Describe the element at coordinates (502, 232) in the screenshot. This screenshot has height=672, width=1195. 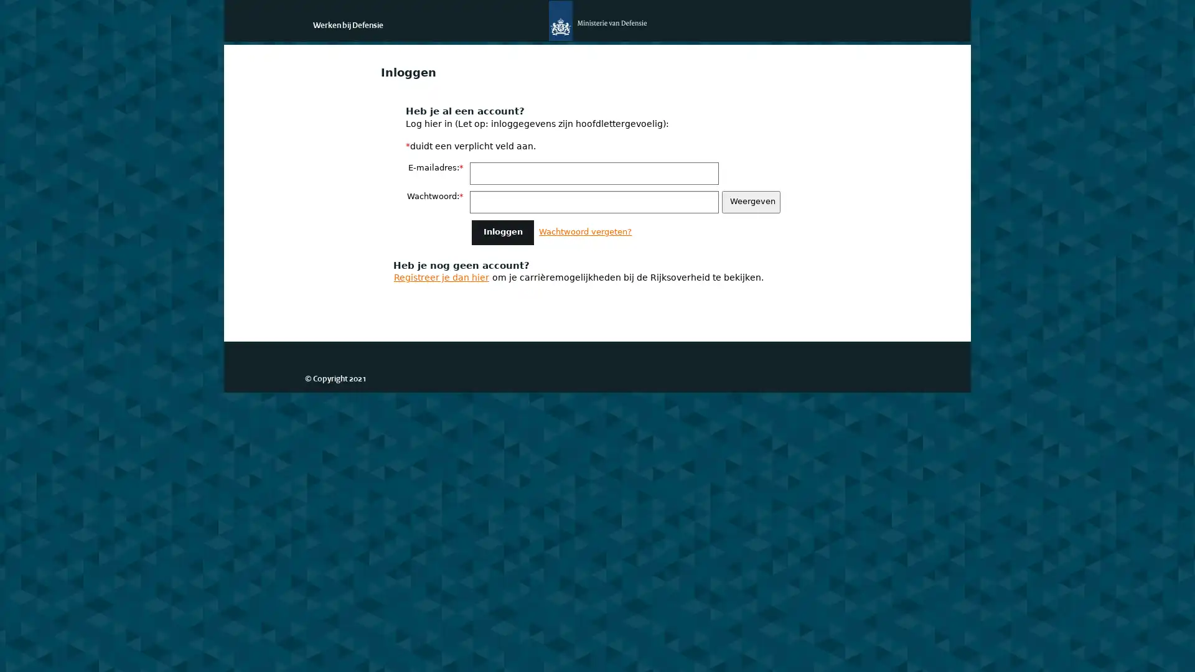
I see `Inloggen` at that location.